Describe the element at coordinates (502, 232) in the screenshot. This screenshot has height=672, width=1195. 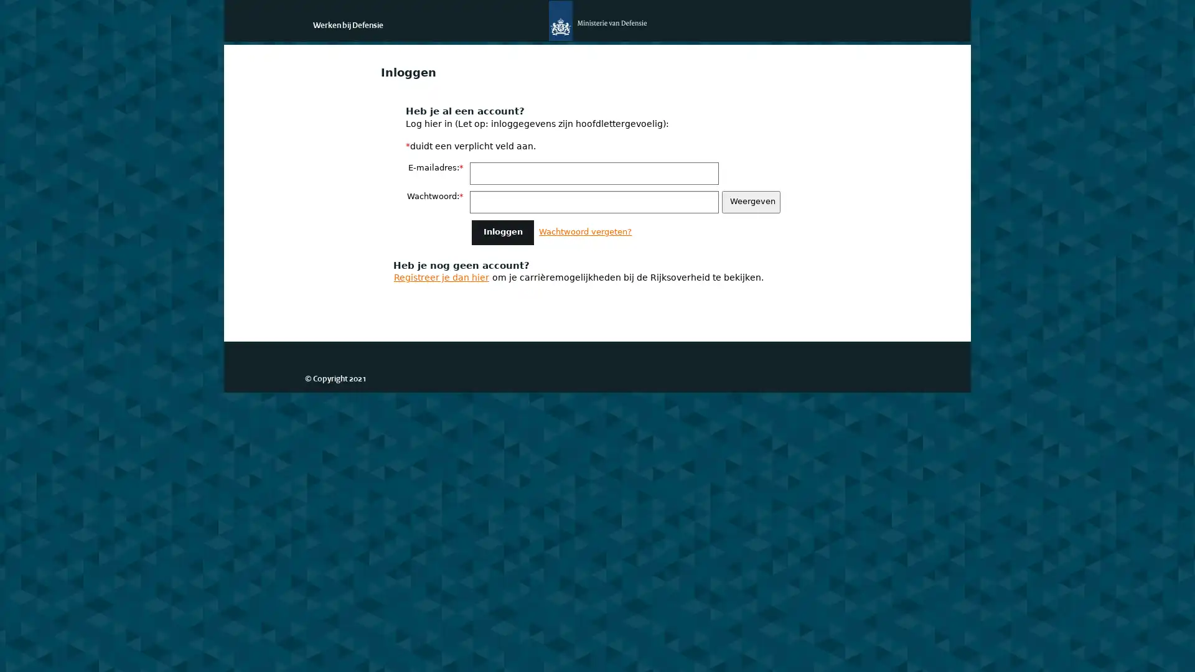
I see `Inloggen` at that location.